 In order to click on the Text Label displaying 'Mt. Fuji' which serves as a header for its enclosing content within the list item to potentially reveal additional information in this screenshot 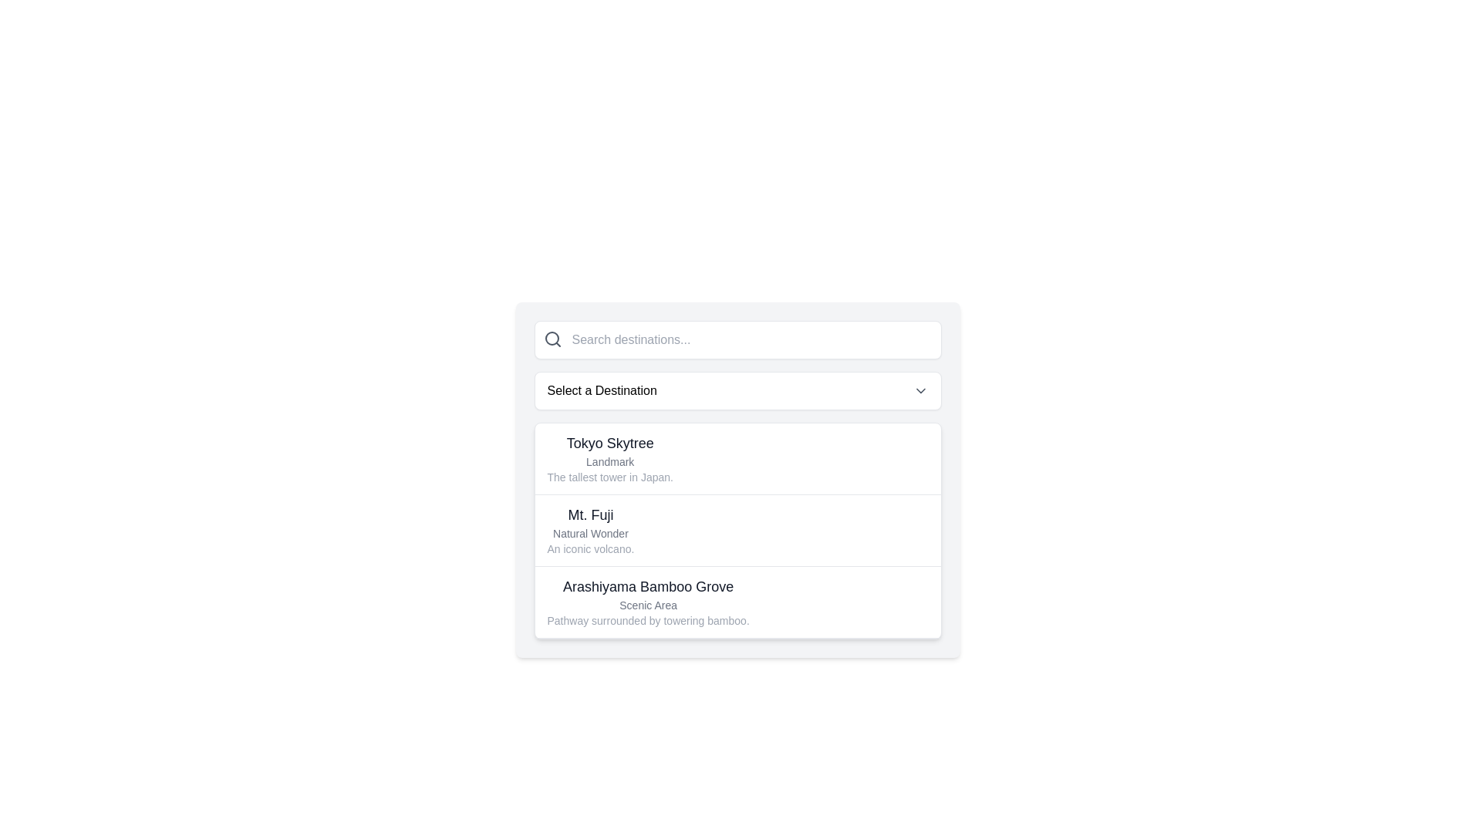, I will do `click(589, 514)`.